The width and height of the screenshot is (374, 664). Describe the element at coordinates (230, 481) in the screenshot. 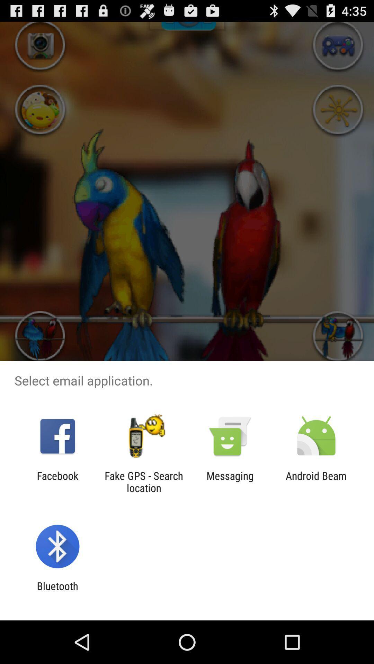

I see `icon next to the android beam icon` at that location.